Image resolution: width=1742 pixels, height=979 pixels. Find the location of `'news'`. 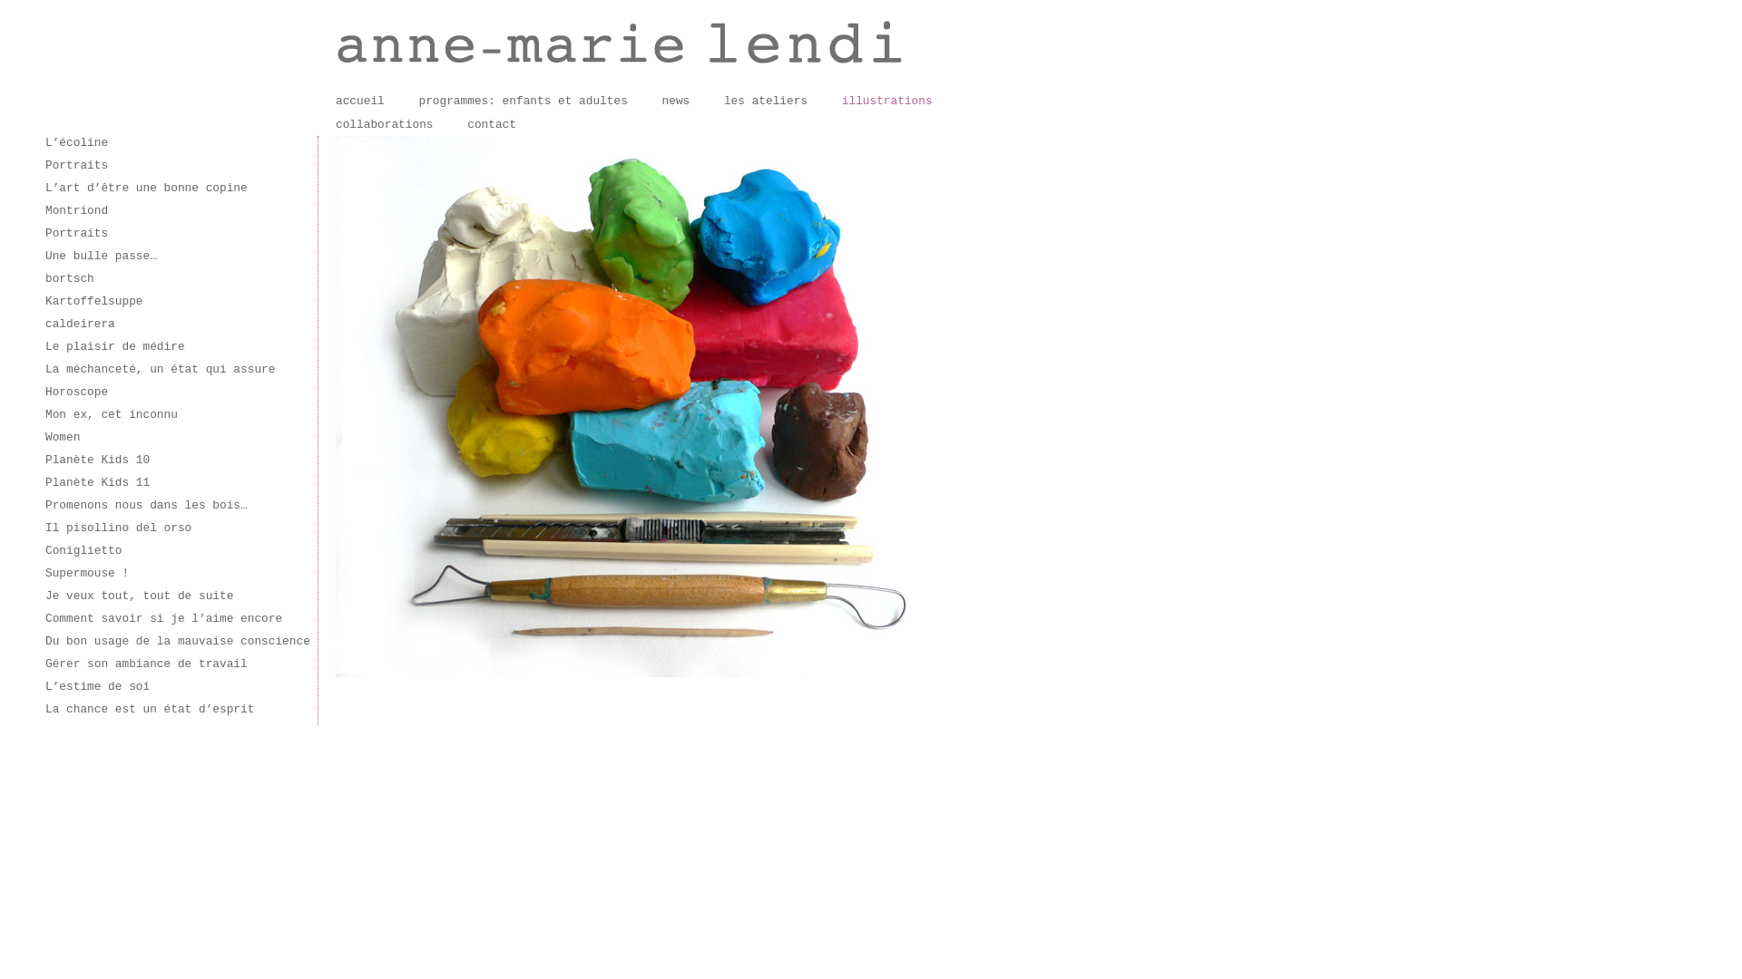

'news' is located at coordinates (675, 101).